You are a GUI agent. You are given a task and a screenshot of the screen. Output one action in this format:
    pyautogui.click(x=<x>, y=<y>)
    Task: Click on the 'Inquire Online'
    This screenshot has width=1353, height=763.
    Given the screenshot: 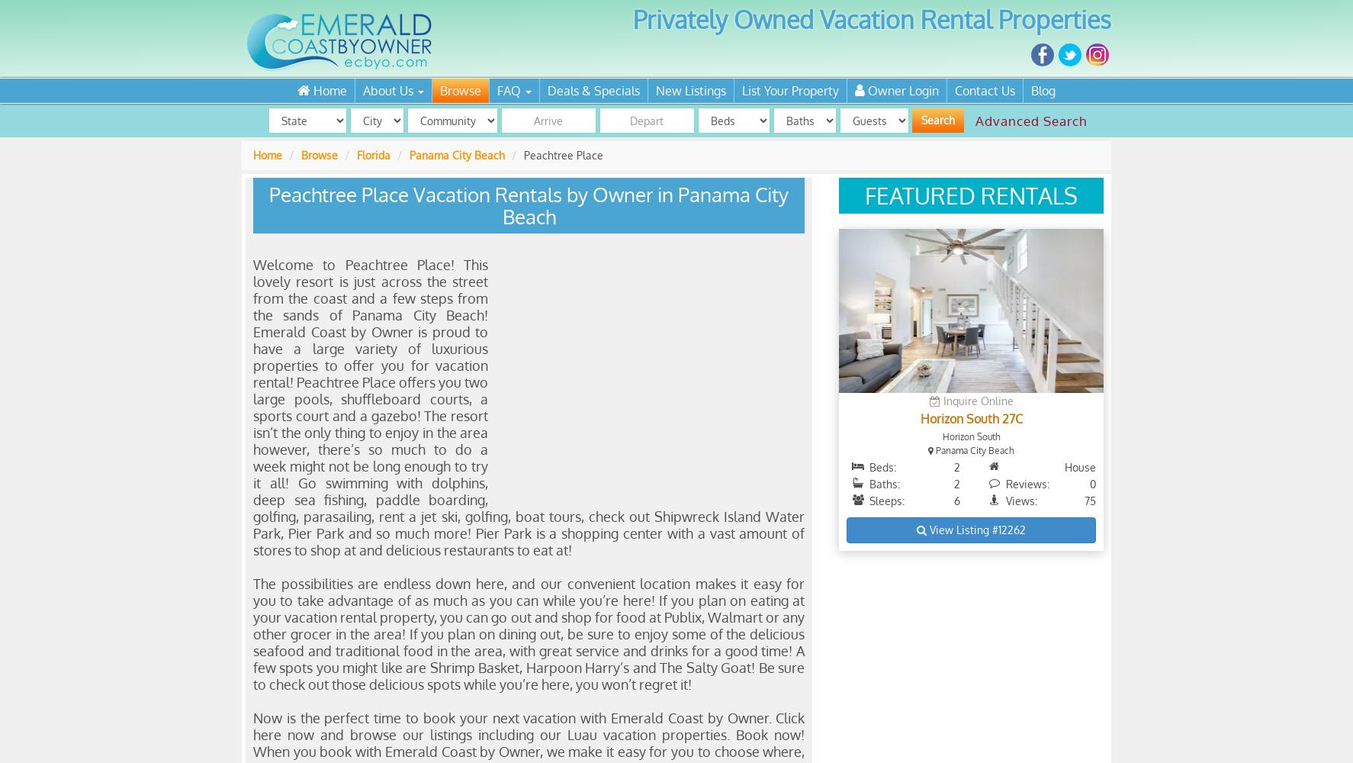 What is the action you would take?
    pyautogui.click(x=975, y=401)
    